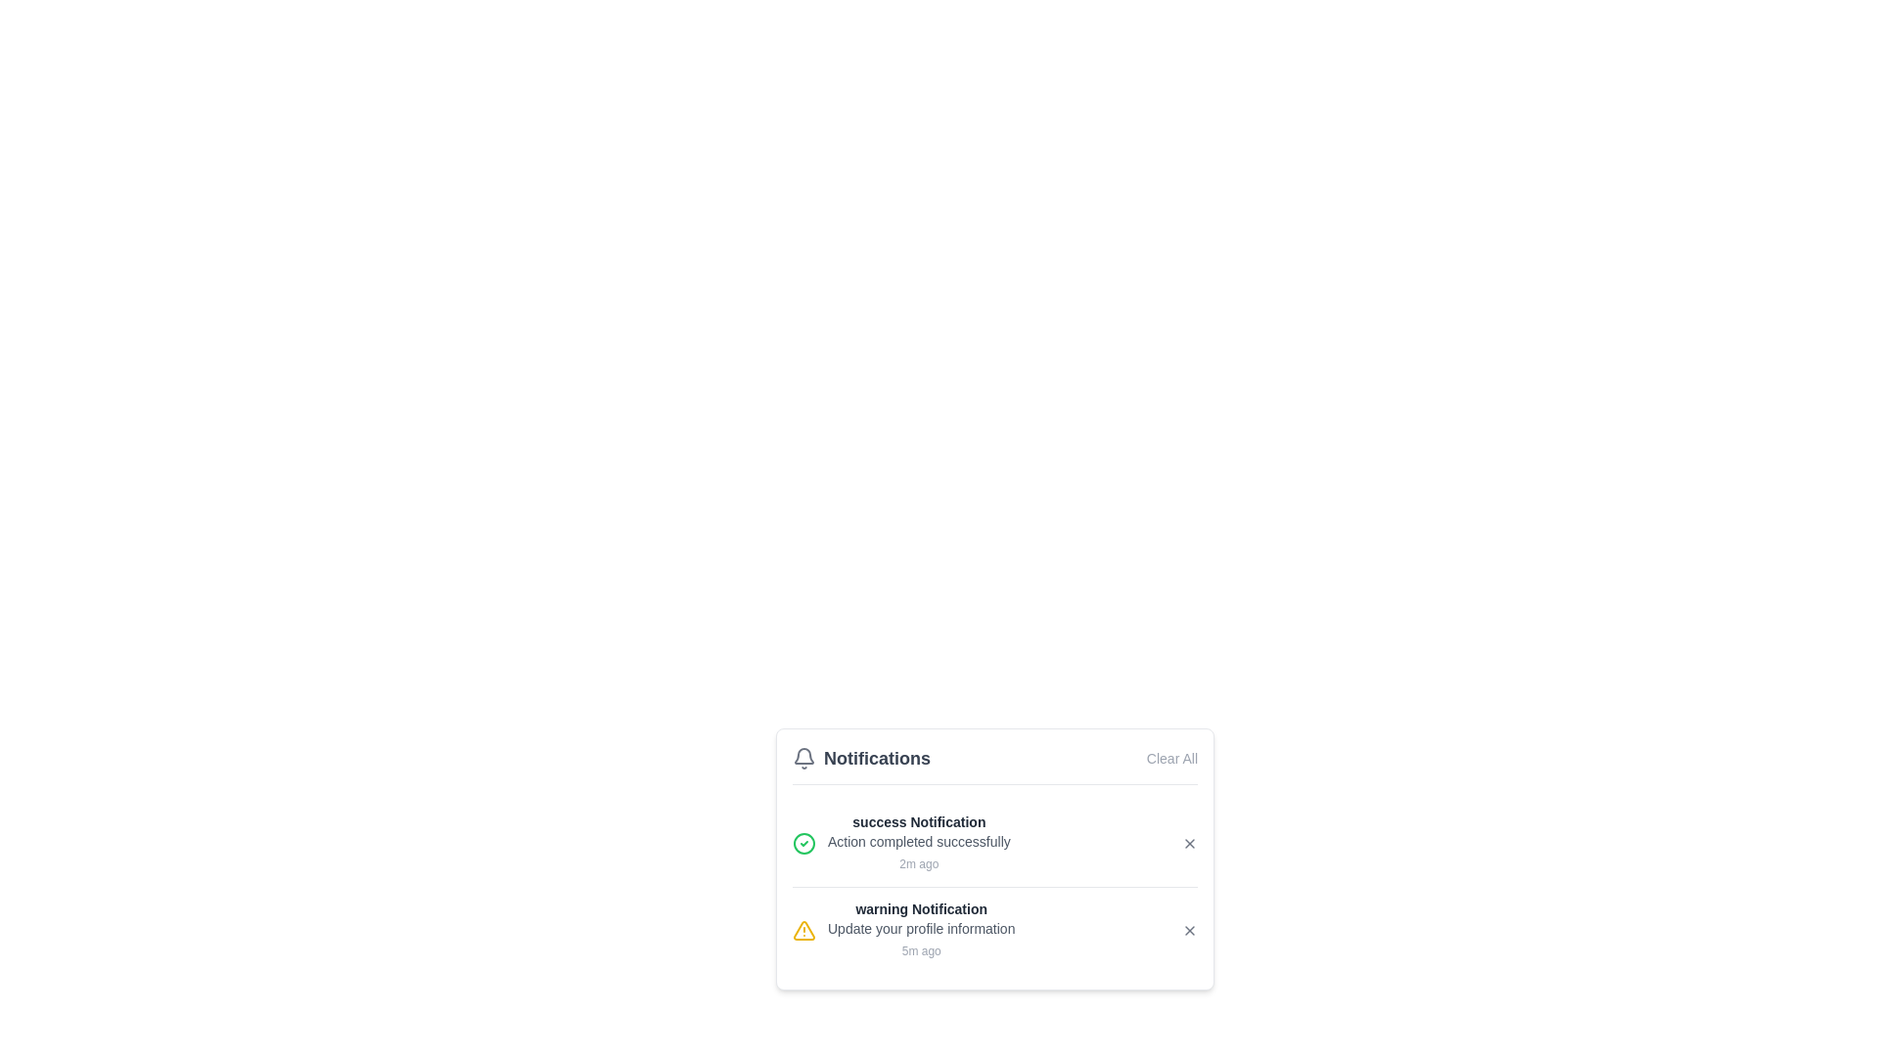 The width and height of the screenshot is (1879, 1056). What do you see at coordinates (803, 757) in the screenshot?
I see `the appearance of the gray bell-shaped icon located in the header of the notification popup, positioned to the left of the 'Notifications' text` at bounding box center [803, 757].